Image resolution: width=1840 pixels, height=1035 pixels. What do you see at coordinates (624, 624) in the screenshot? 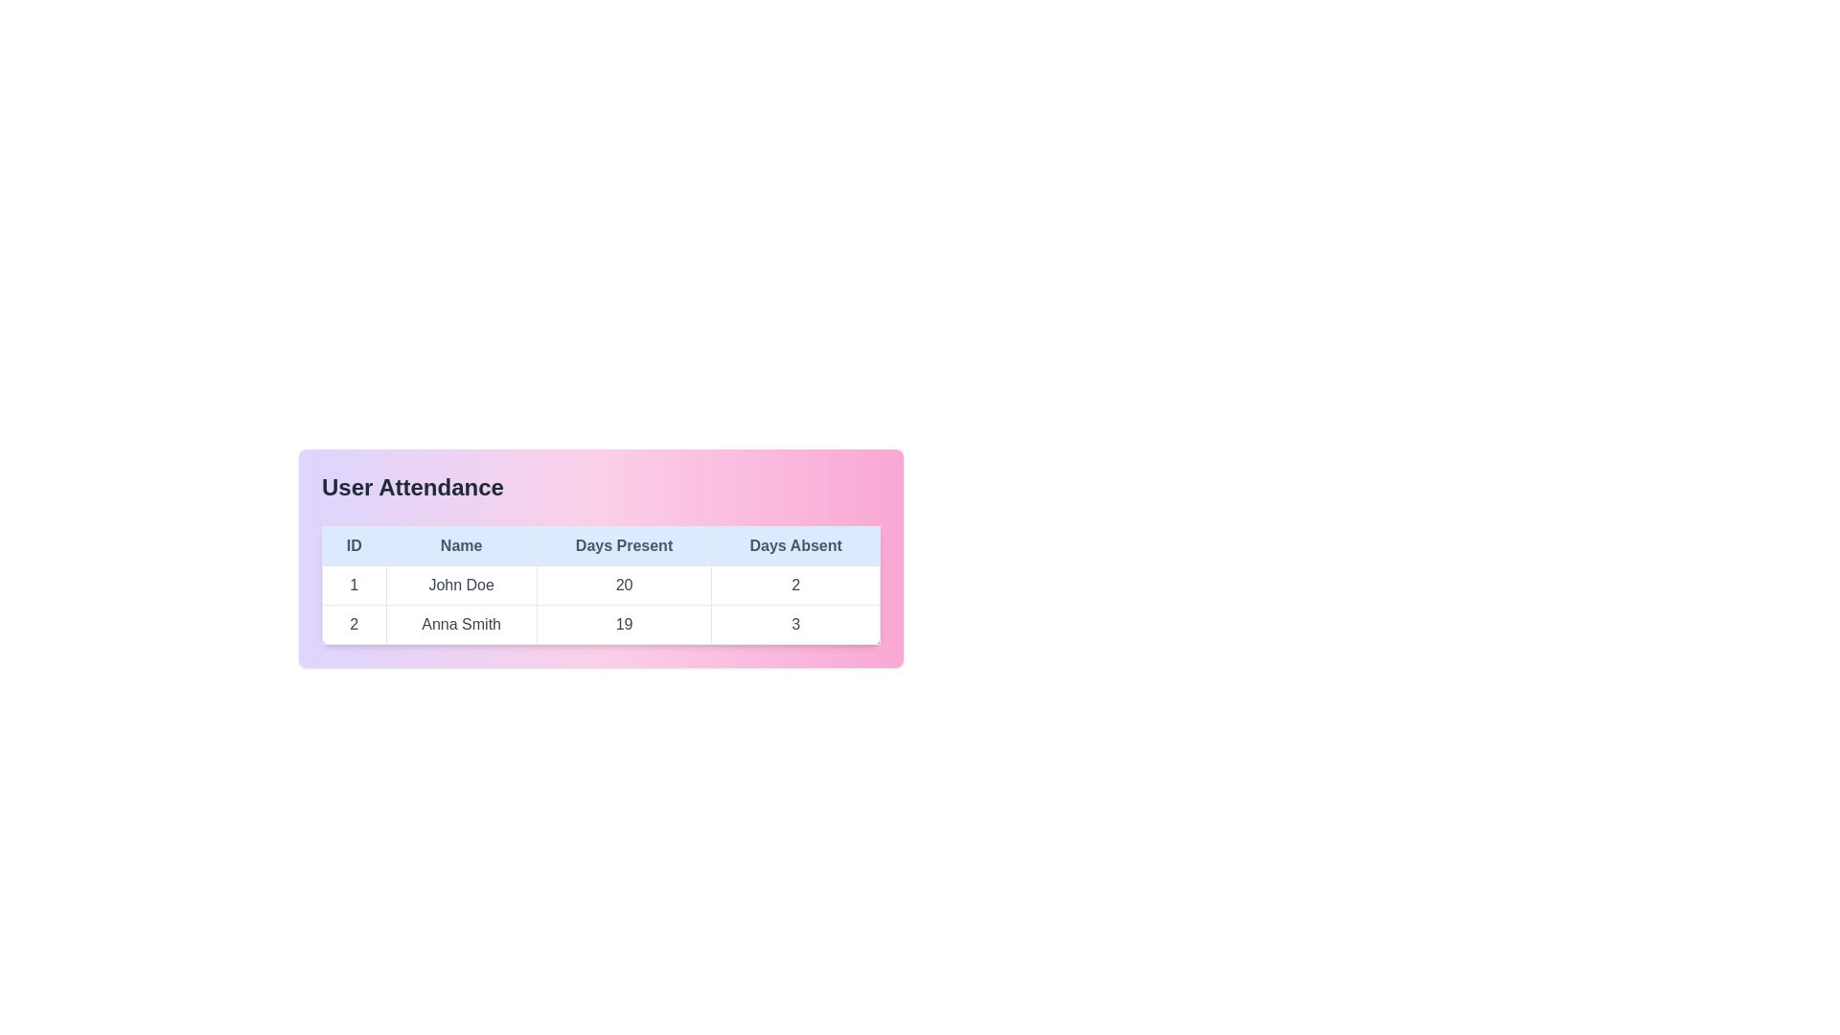
I see `the table cell that displays the numeric value for 'Days Present' in the second row, third cell, located under the 'Days Present' column header` at bounding box center [624, 624].